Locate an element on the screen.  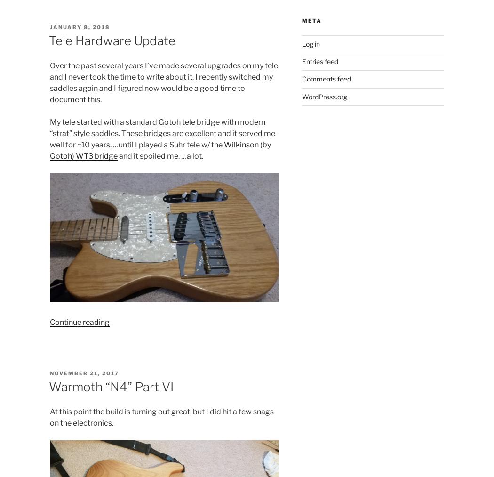
'At this point the build is turning out great, but I did hit a few snags on the electronics.' is located at coordinates (161, 416).